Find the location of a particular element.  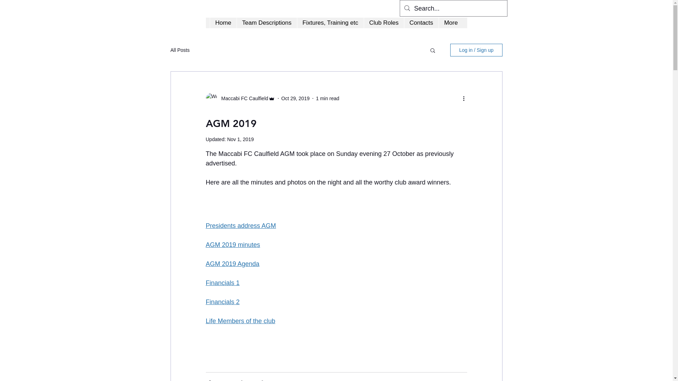

'Financials 2' is located at coordinates (222, 302).